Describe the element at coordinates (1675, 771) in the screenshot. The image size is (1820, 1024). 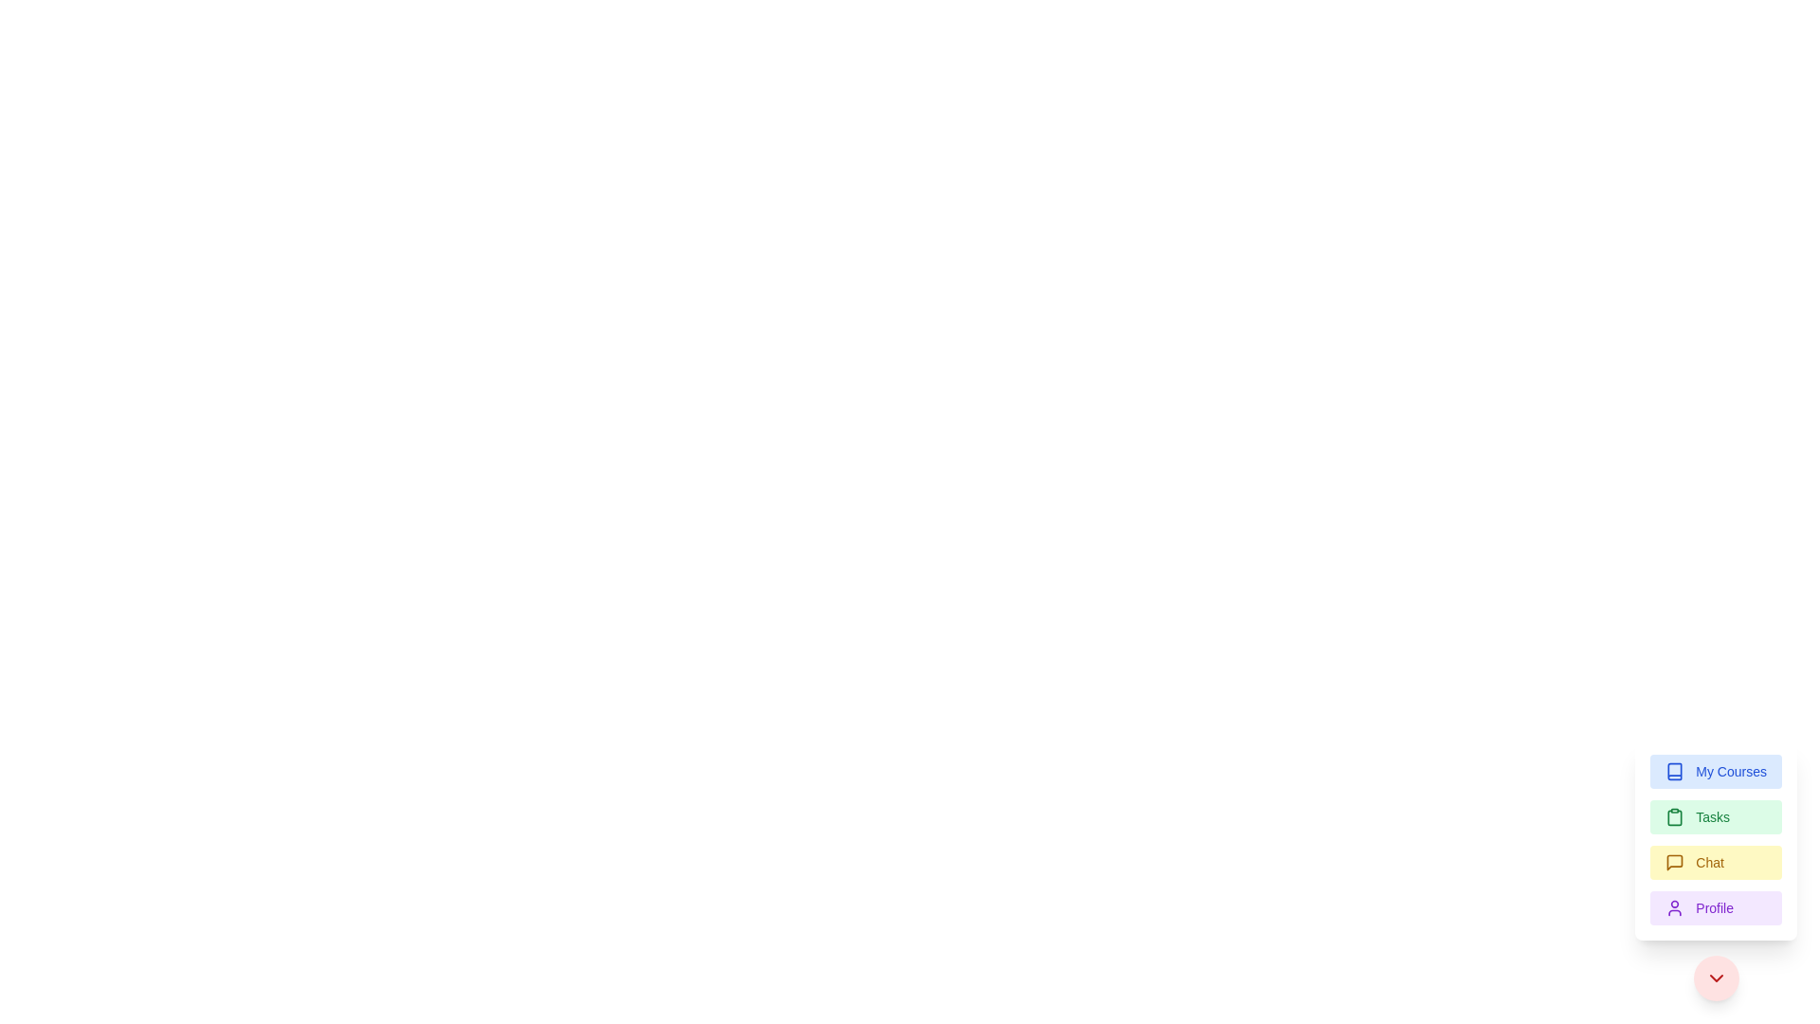
I see `the decorative icon associated with the 'My Courses' button located at the bottom-right of the vertical menu bar` at that location.